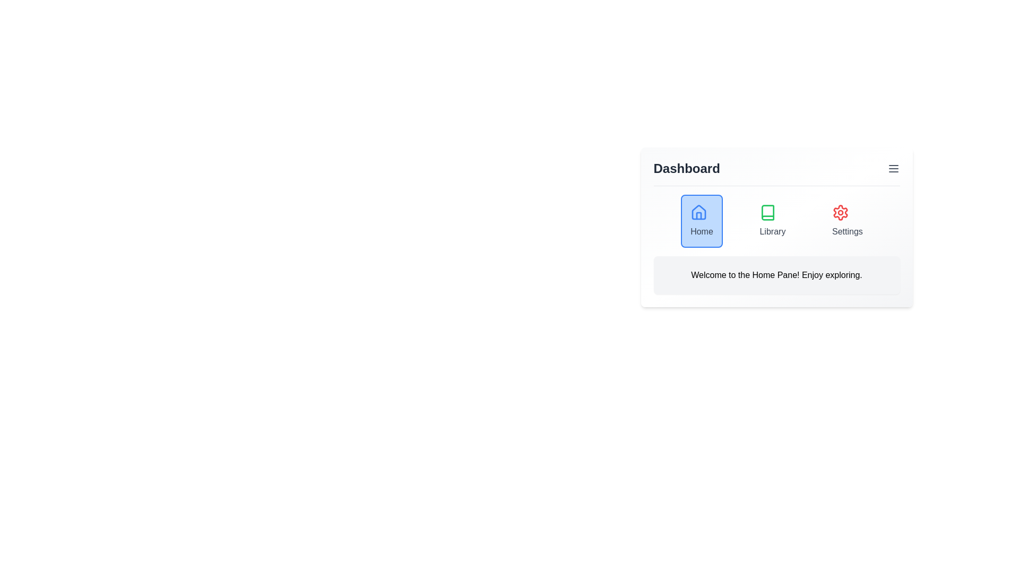 The width and height of the screenshot is (1019, 573). Describe the element at coordinates (840, 213) in the screenshot. I see `the red gear-like icon` at that location.